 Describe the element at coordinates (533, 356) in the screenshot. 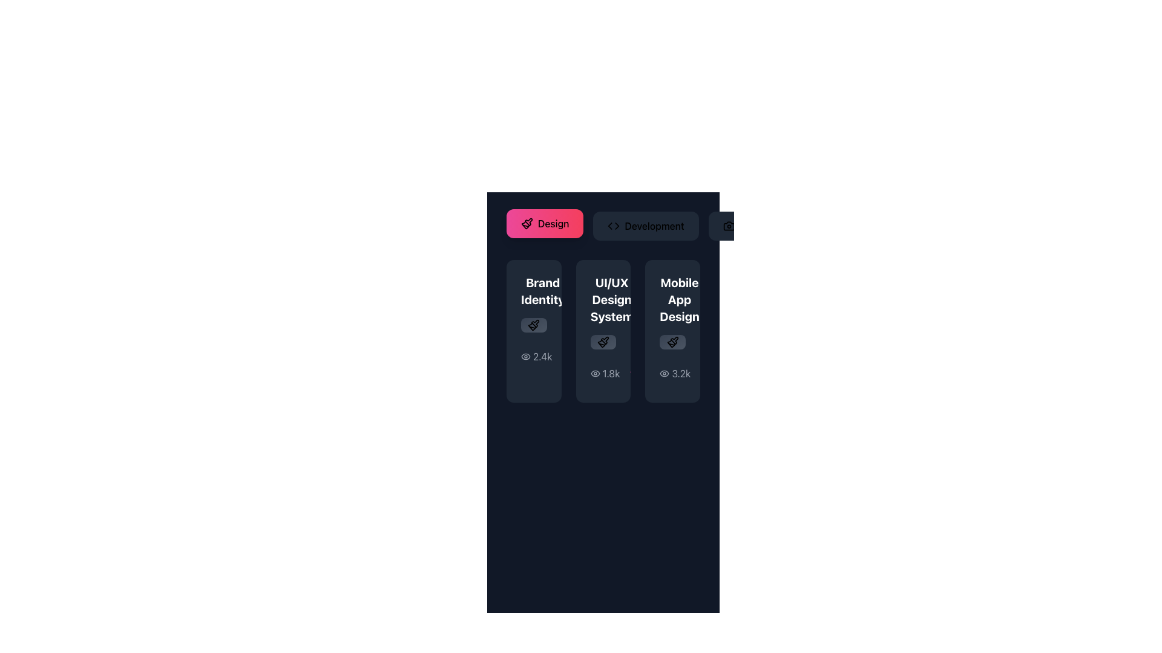

I see `the views icon located in the lower portion of the 'Brand Identity' card in the 'Design' section, which displays the number of views associated with the card` at that location.